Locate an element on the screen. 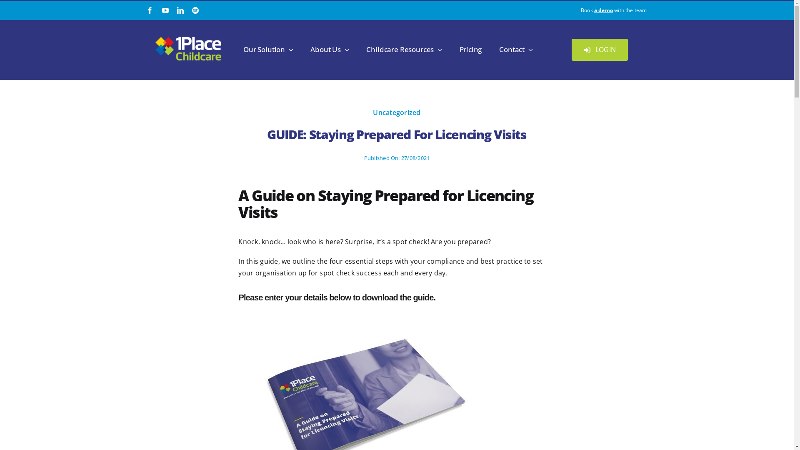  'Facebook' is located at coordinates (150, 10).